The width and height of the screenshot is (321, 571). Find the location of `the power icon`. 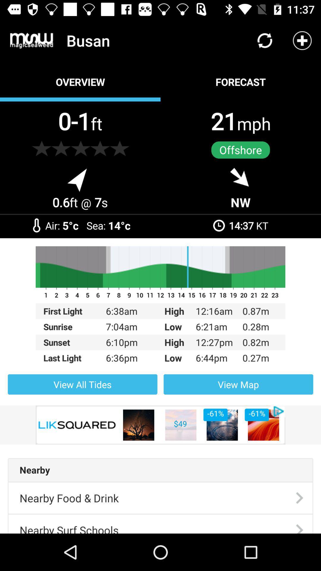

the power icon is located at coordinates (37, 225).